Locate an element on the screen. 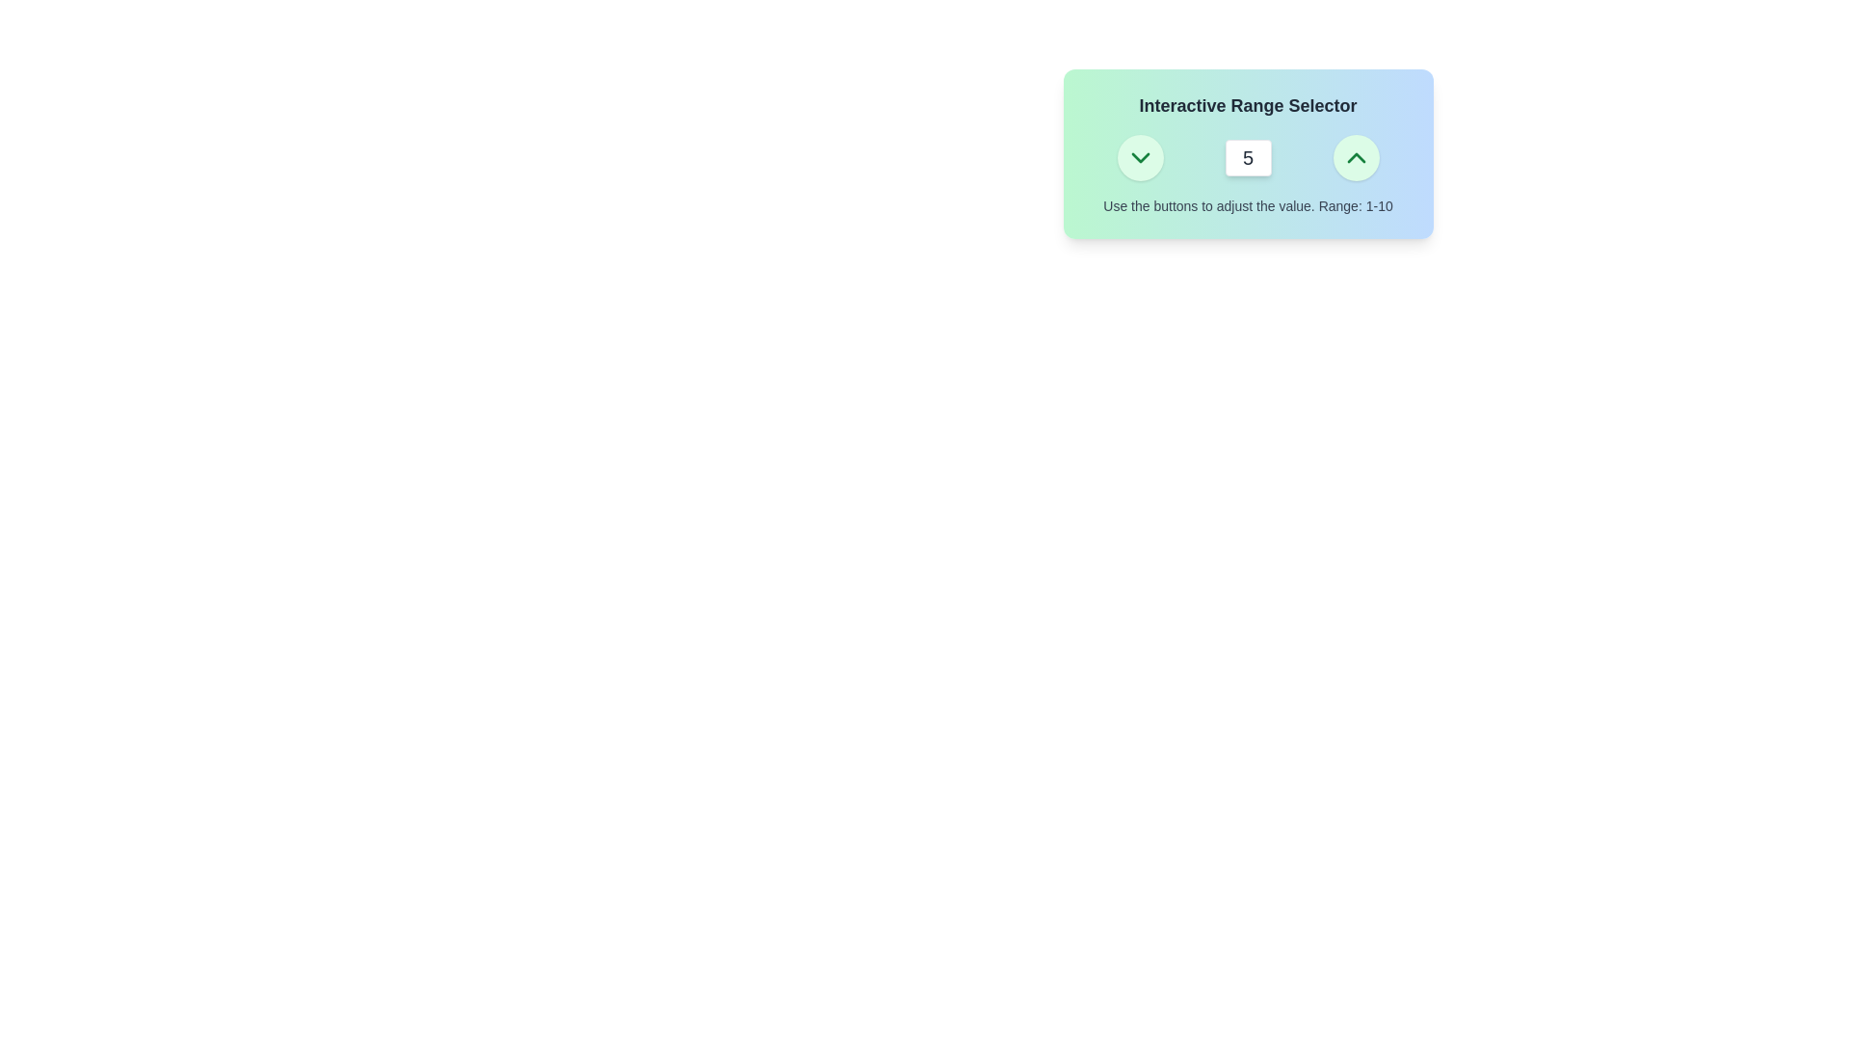 The width and height of the screenshot is (1850, 1041). the icon that indicates an action for decreasing a value or collapsing an expanded section, located on the far right of the 'Interactive Range Selector' component, adjacent is located at coordinates (1140, 157).